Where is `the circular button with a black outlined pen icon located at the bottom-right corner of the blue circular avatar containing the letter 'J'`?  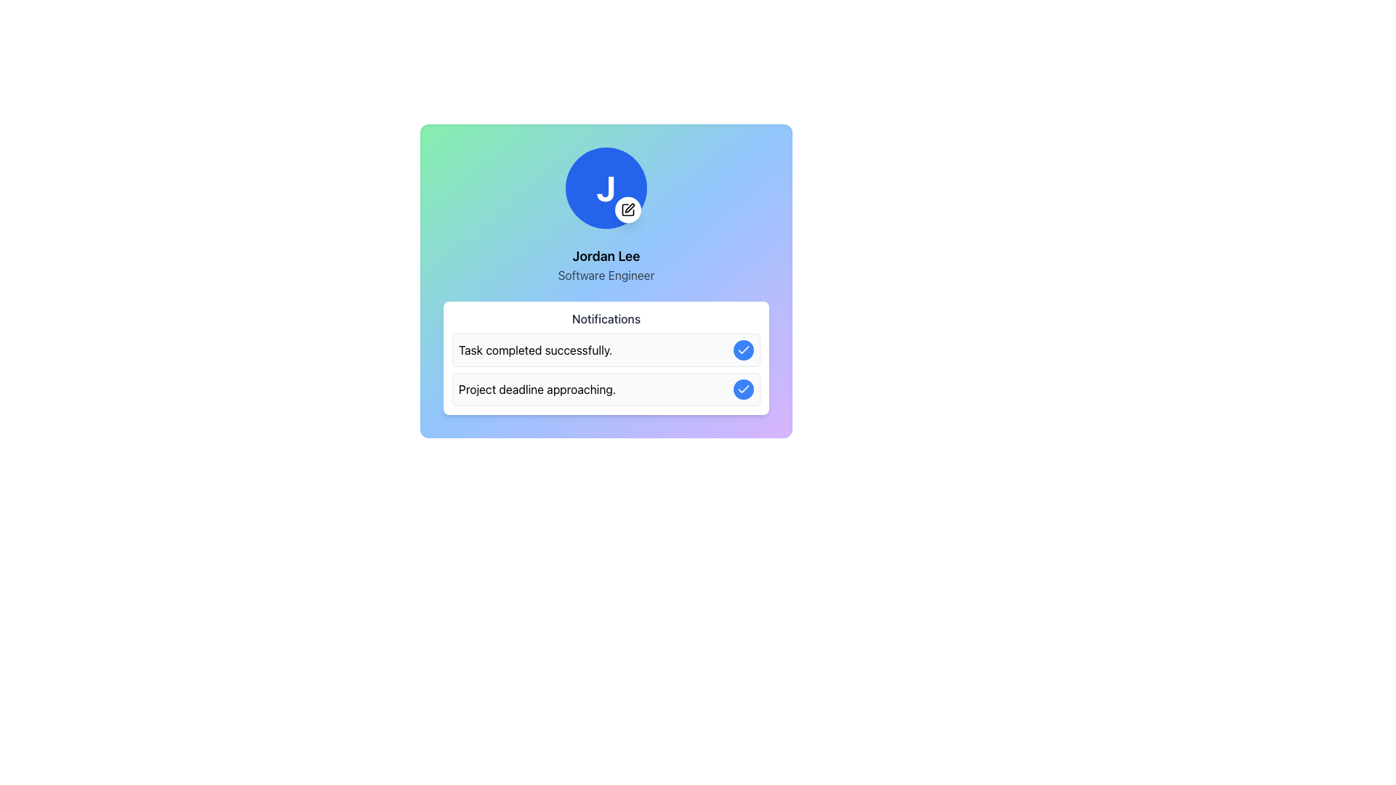
the circular button with a black outlined pen icon located at the bottom-right corner of the blue circular avatar containing the letter 'J' is located at coordinates (628, 210).